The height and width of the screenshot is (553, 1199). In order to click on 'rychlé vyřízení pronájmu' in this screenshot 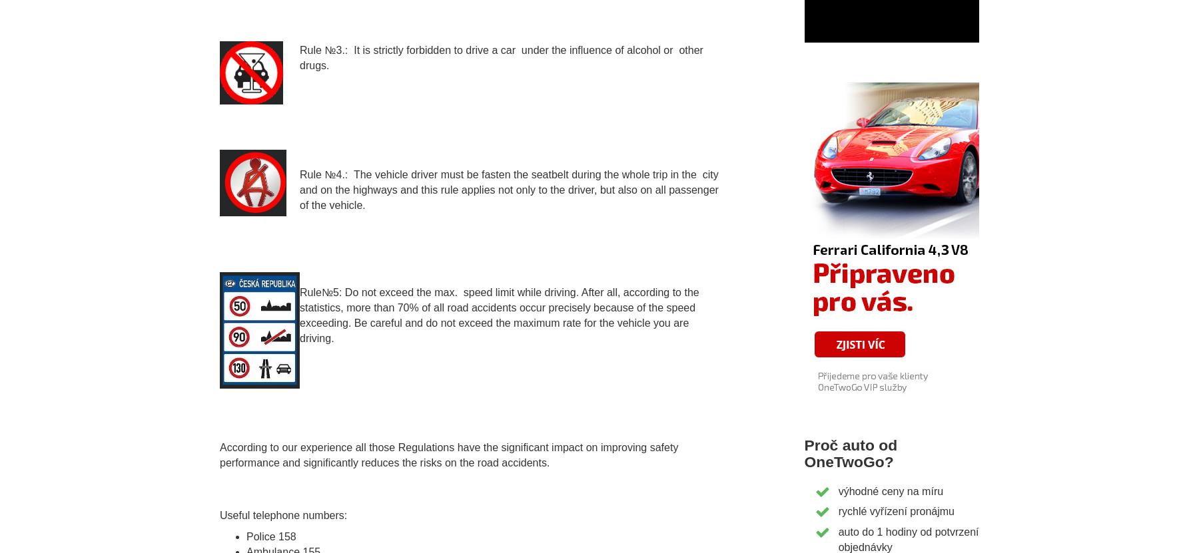, I will do `click(895, 511)`.